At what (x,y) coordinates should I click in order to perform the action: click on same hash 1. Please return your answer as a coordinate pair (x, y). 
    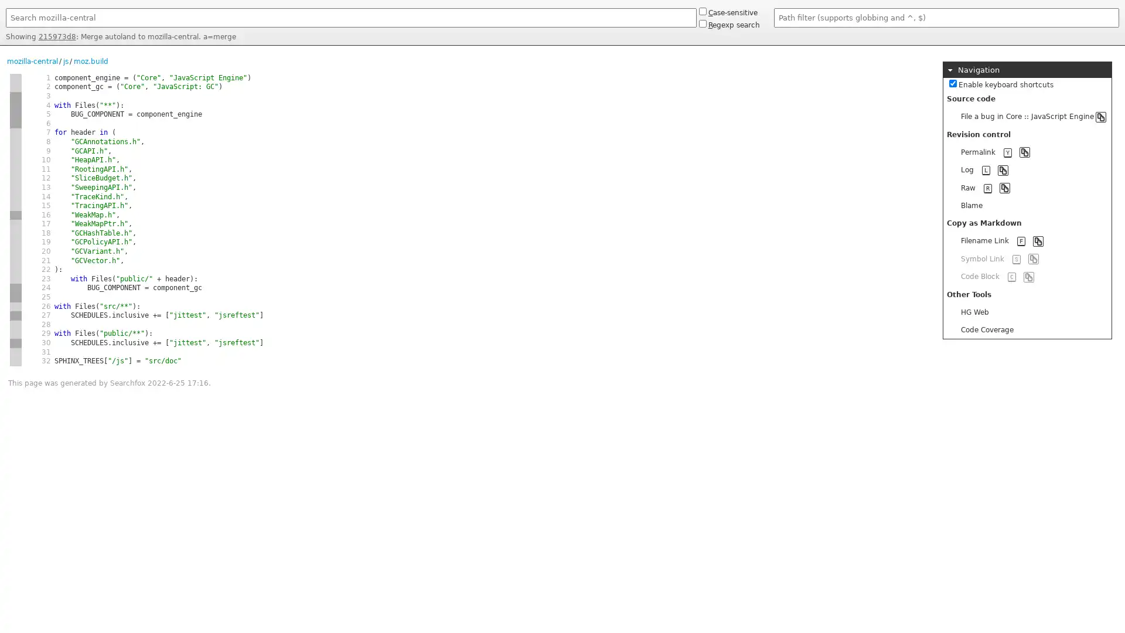
    Looking at the image, I should click on (16, 278).